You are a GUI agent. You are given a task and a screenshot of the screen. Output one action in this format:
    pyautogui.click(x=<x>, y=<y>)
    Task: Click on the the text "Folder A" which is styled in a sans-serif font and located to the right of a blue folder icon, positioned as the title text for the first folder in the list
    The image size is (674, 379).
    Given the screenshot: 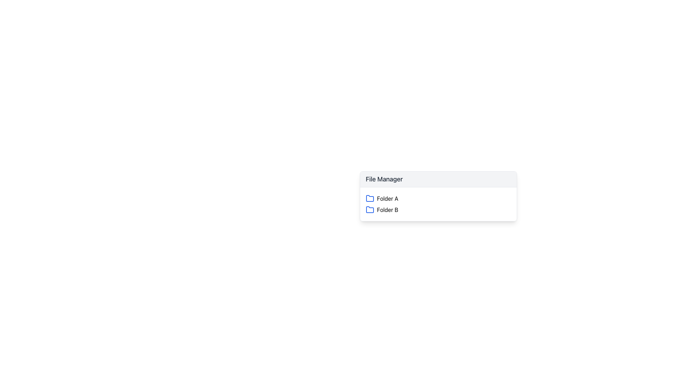 What is the action you would take?
    pyautogui.click(x=387, y=199)
    